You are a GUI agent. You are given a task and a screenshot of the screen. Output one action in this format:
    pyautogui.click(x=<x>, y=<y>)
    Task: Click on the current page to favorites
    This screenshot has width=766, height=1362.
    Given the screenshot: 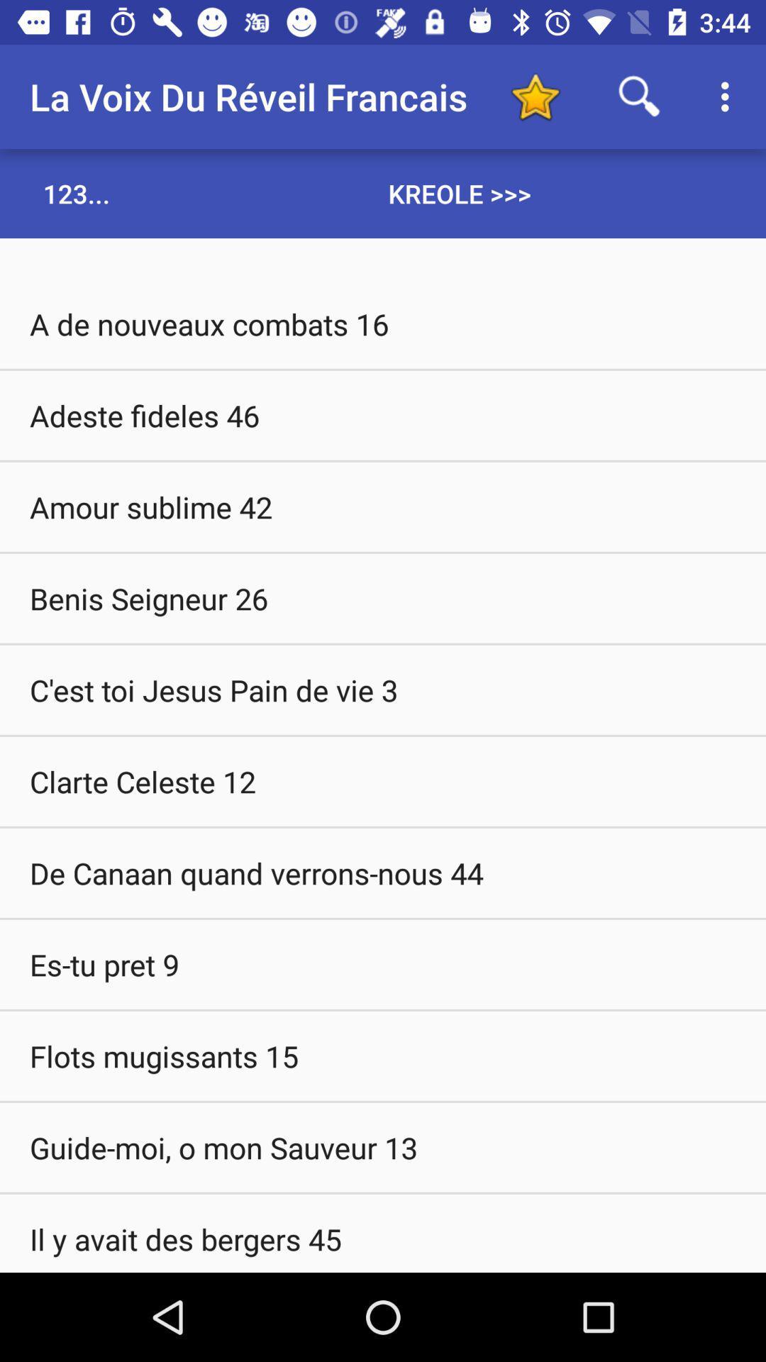 What is the action you would take?
    pyautogui.click(x=535, y=96)
    